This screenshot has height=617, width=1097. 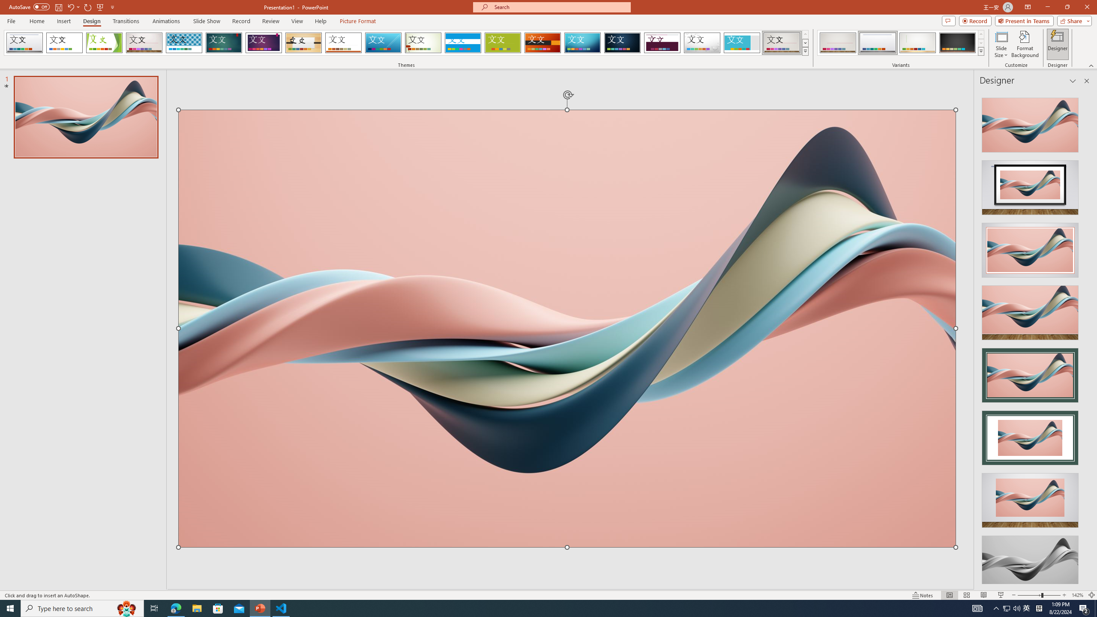 I want to click on 'Organic', so click(x=304, y=42).